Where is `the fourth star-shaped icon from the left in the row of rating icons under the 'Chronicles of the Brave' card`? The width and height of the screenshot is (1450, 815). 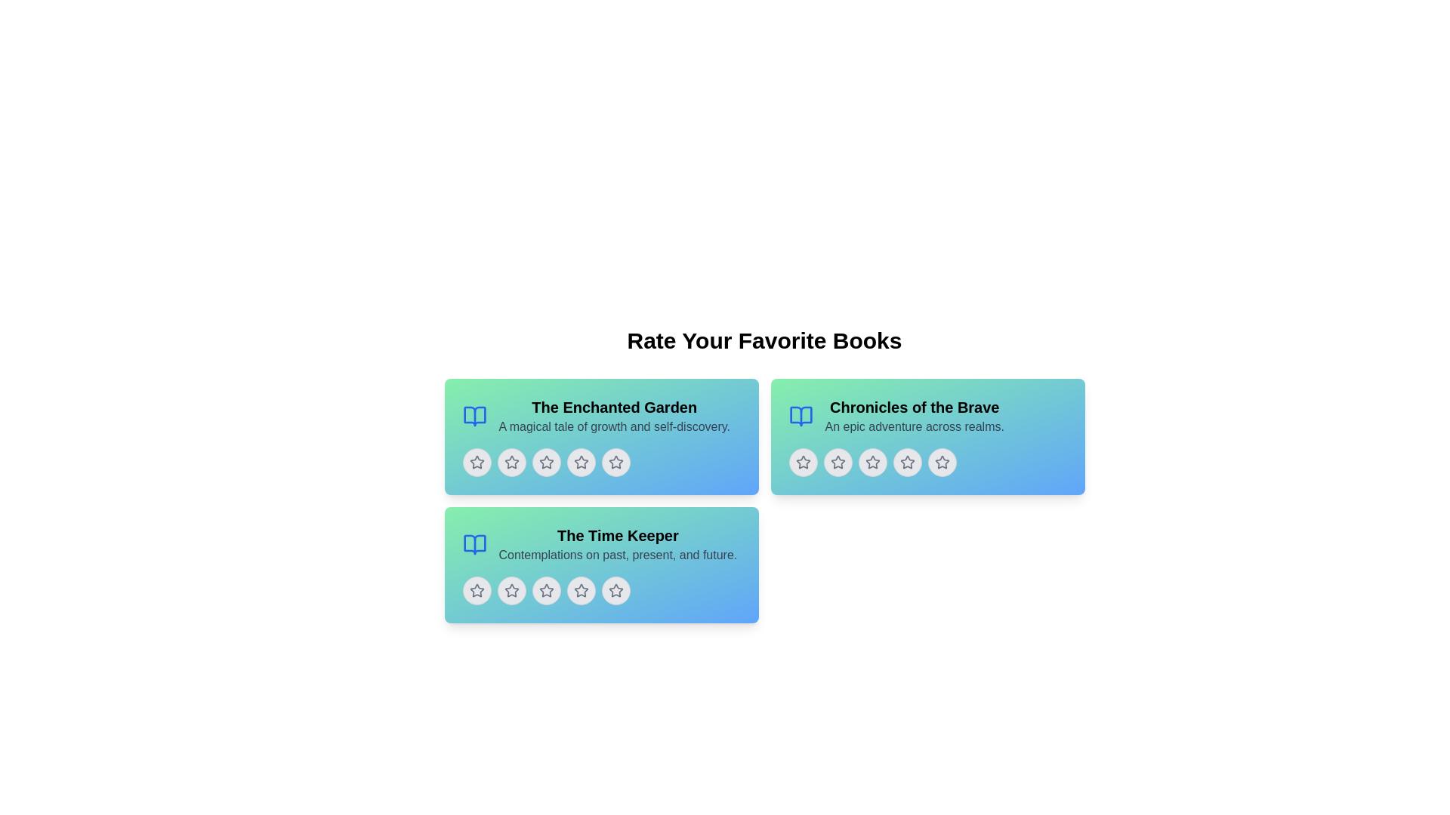
the fourth star-shaped icon from the left in the row of rating icons under the 'Chronicles of the Brave' card is located at coordinates (941, 462).